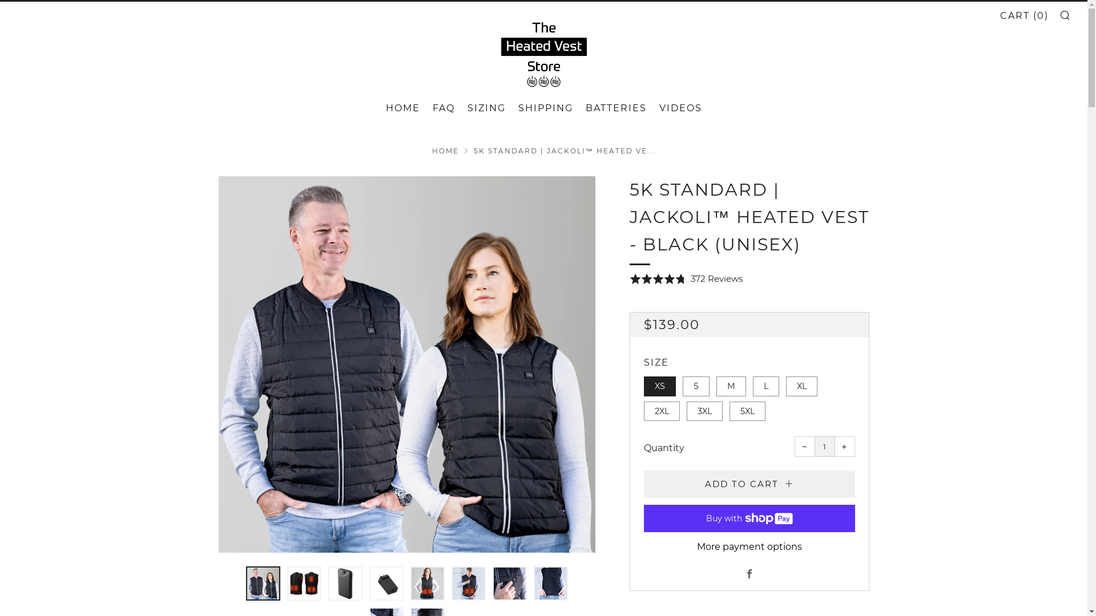 This screenshot has height=616, width=1096. Describe the element at coordinates (658, 108) in the screenshot. I see `'VIDEOS'` at that location.